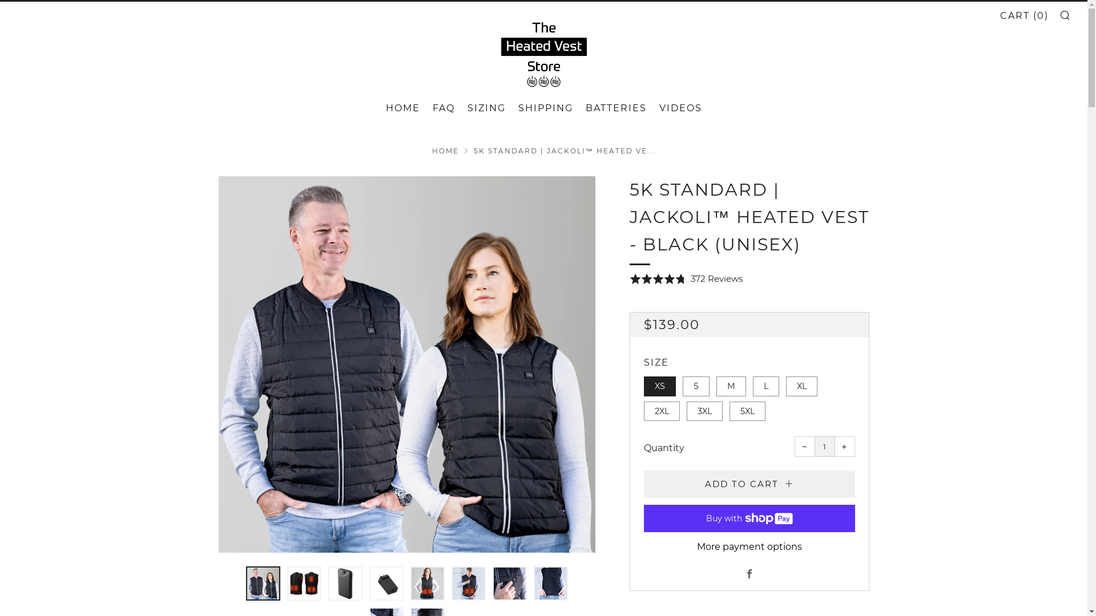 This screenshot has height=616, width=1096. Describe the element at coordinates (658, 108) in the screenshot. I see `'VIDEOS'` at that location.